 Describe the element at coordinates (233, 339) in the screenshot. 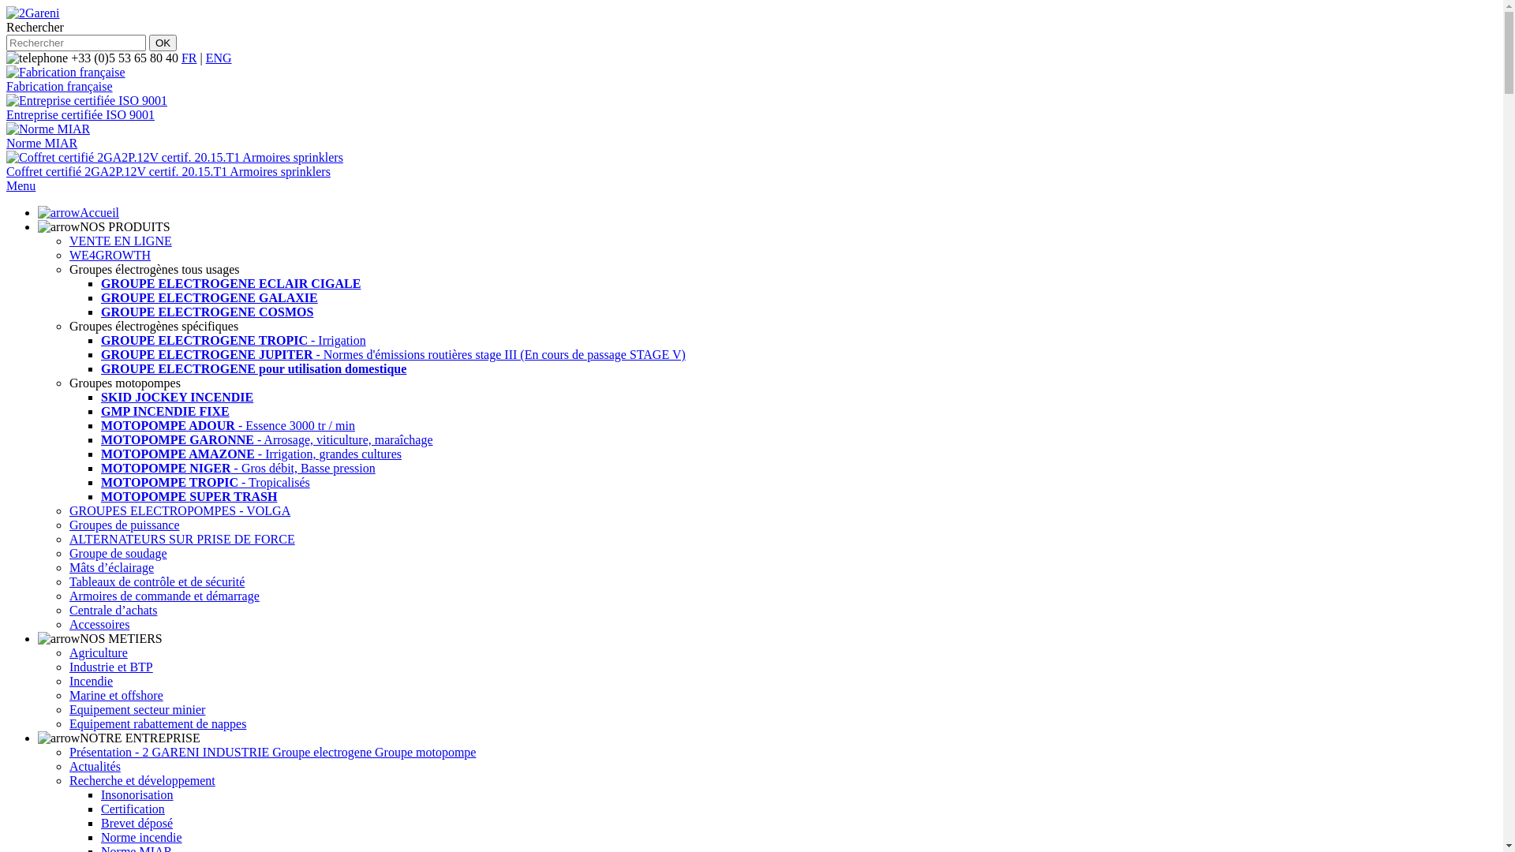

I see `'GROUPE ELECTROGENE TROPIC - Irrigation'` at that location.